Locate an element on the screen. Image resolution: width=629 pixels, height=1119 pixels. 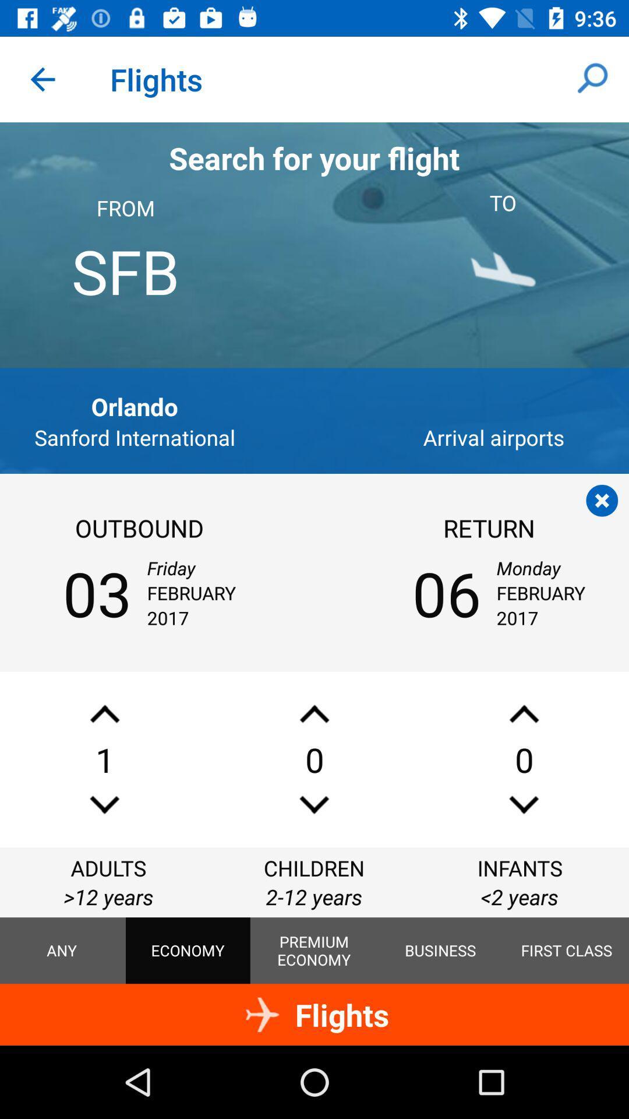
up is located at coordinates (523, 713).